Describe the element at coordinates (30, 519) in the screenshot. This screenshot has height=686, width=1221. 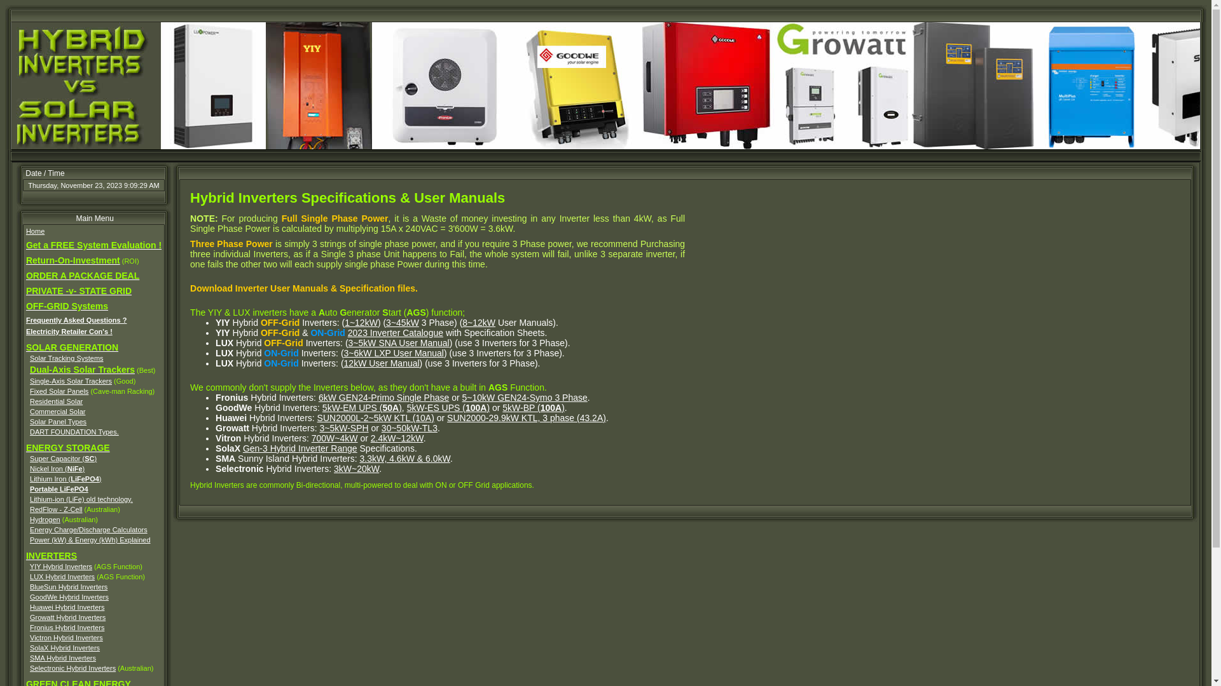
I see `'Hydrogen'` at that location.